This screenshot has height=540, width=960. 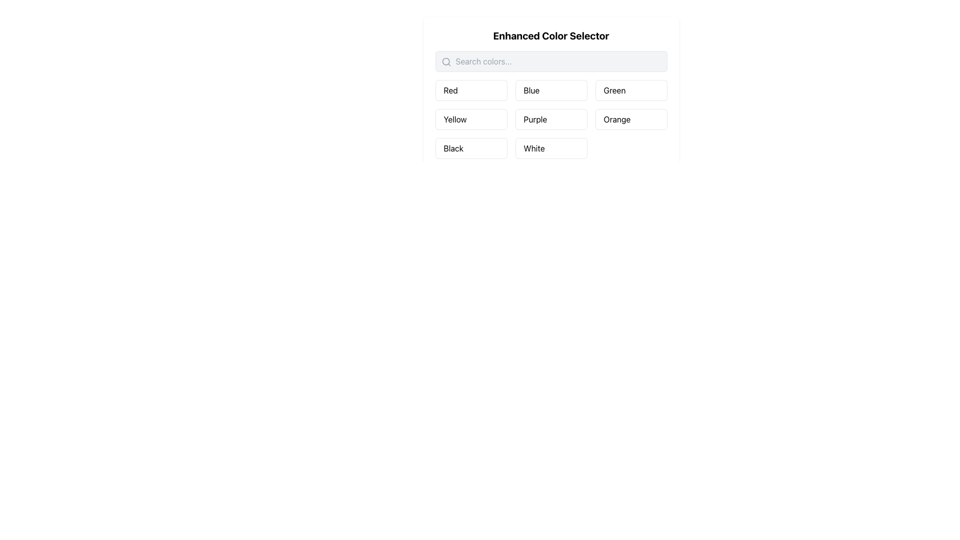 I want to click on the rectangular button with rounded corners and a white background labeled 'White', located in the third row, middle column of the grid, to potentially reveal additional information or effects, so click(x=550, y=148).